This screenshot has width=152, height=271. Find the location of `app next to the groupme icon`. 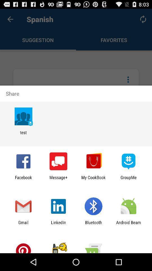

app next to the groupme icon is located at coordinates (93, 180).